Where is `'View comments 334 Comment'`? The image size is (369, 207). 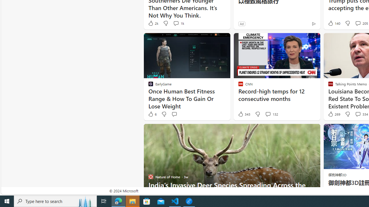 'View comments 334 Comment' is located at coordinates (357, 114).